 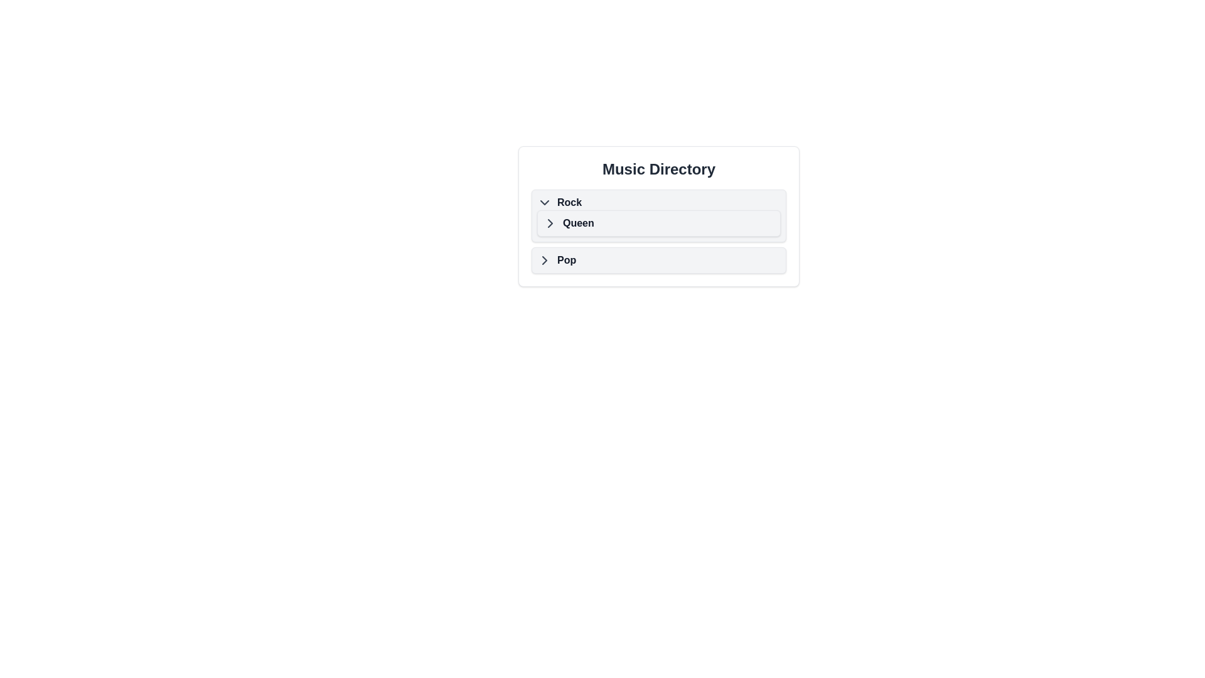 What do you see at coordinates (545, 202) in the screenshot?
I see `the downward chevron icon located to the left of the text 'Rock' in the hierarchical directory interface to provide a visual cue for interaction` at bounding box center [545, 202].